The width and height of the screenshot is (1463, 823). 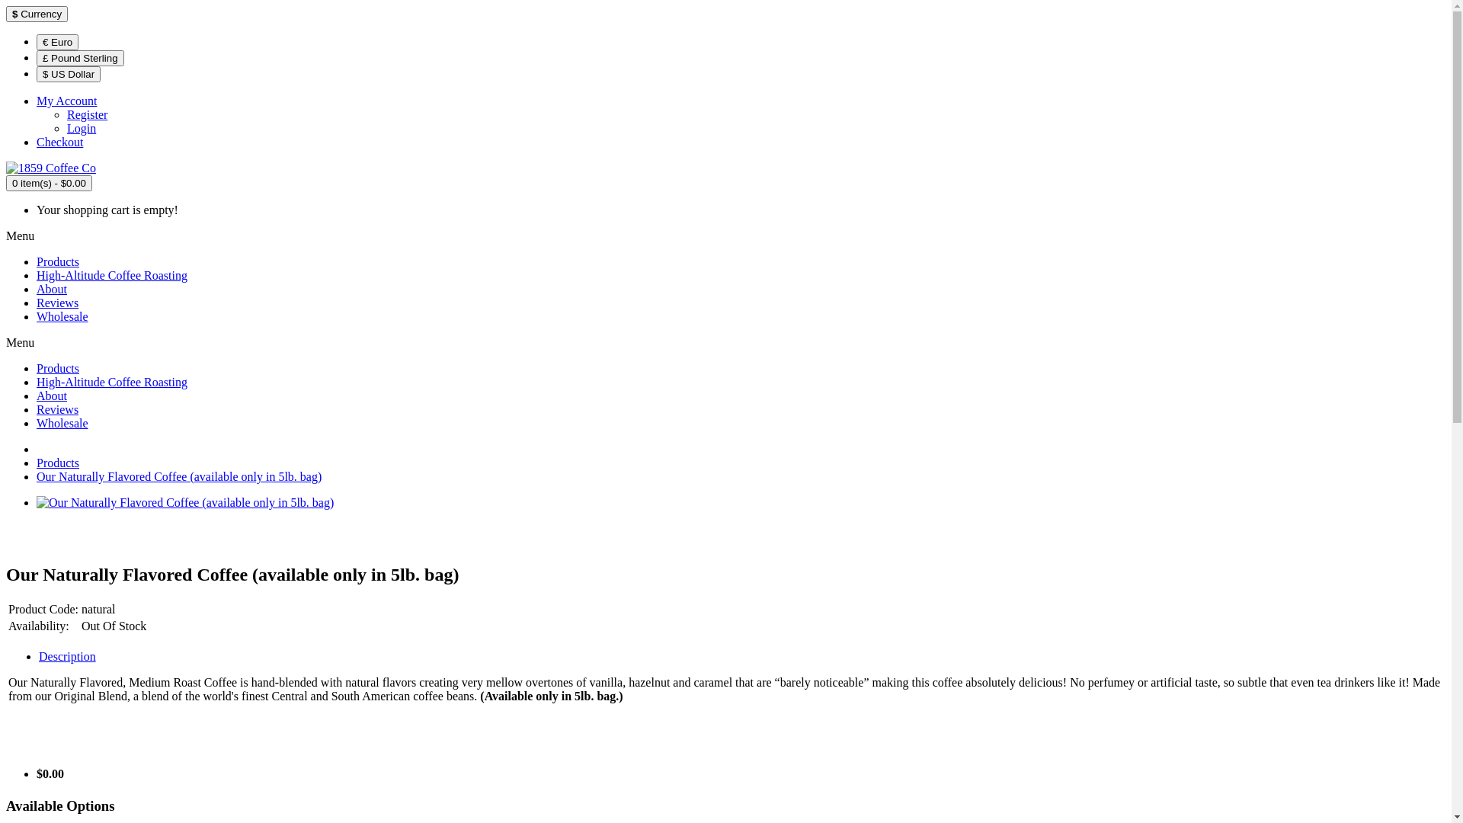 I want to click on 'My Account', so click(x=66, y=101).